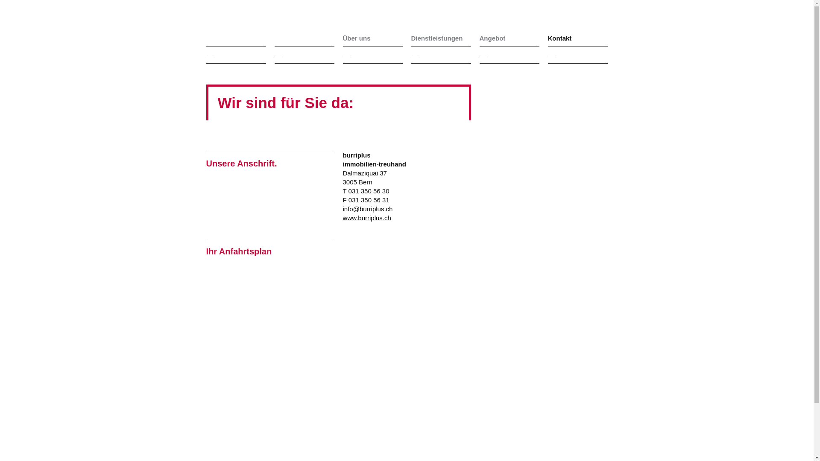  I want to click on 'Kontakt', so click(577, 38).